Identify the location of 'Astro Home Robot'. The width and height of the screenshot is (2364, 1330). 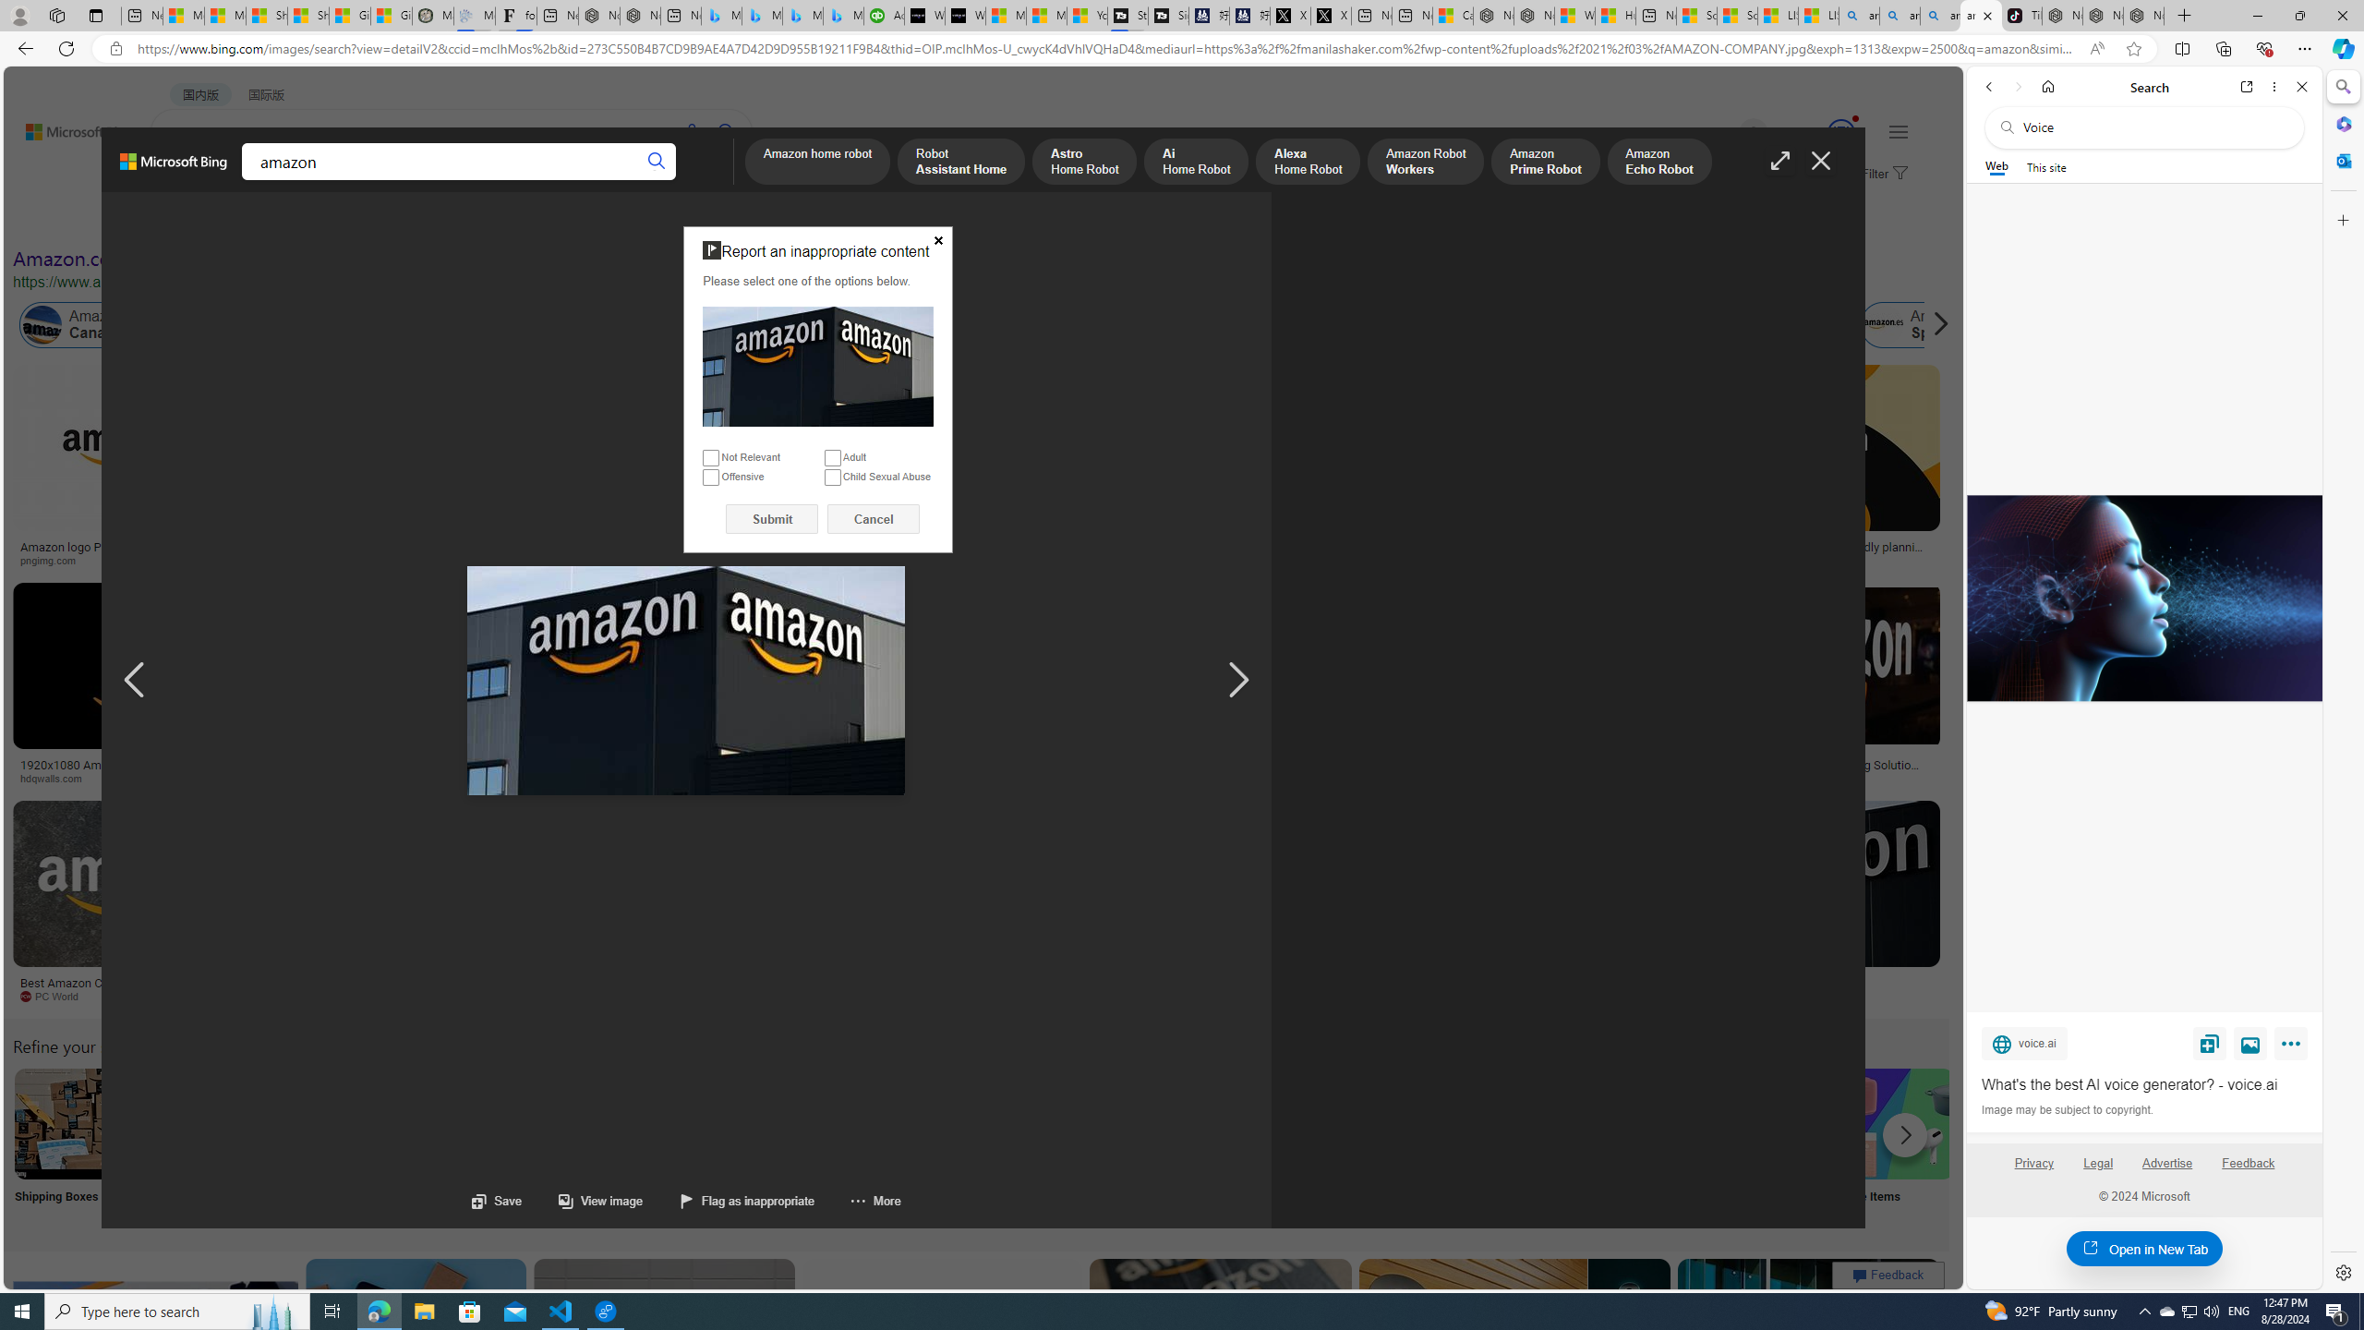
(1084, 163).